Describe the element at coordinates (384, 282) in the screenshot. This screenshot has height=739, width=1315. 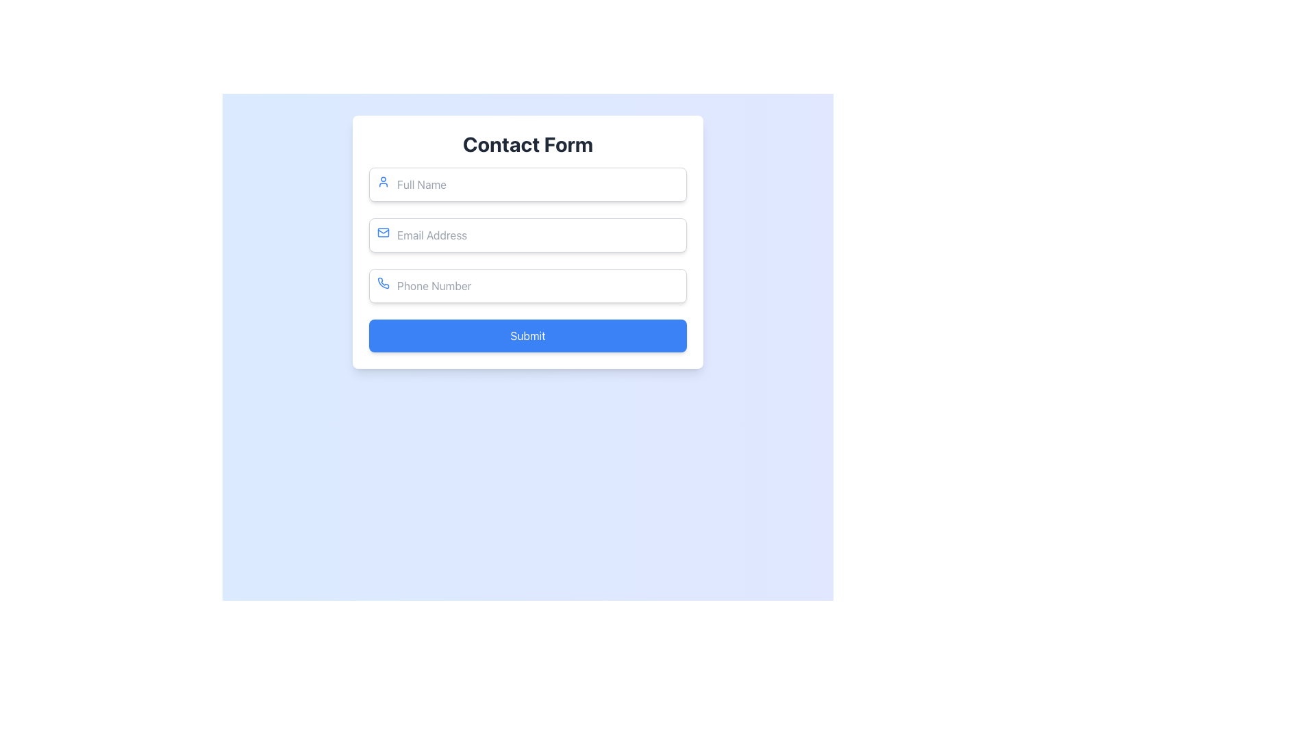
I see `the phone icon located in the contact form interface, which is the only instance of this icon and positioned at the top-left corner of the 'Phone Number' input field` at that location.